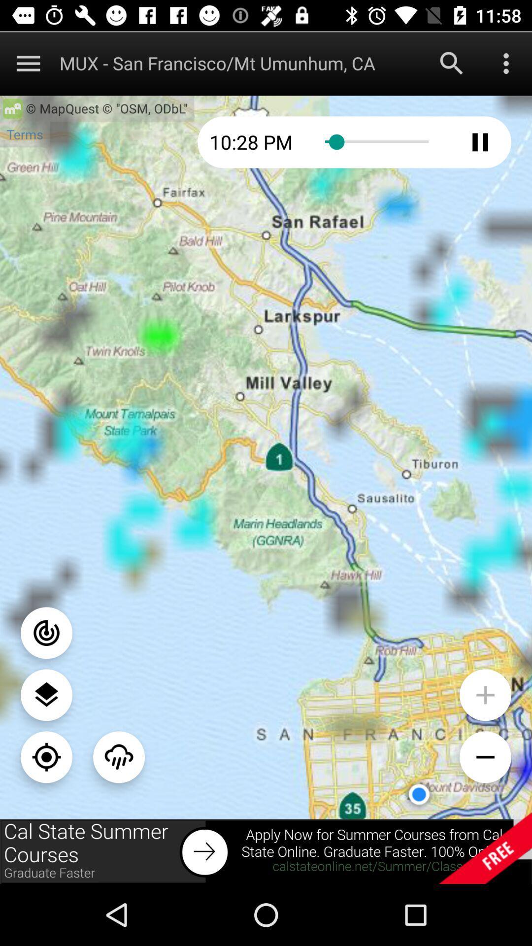 This screenshot has height=946, width=532. I want to click on find on map, so click(46, 756).